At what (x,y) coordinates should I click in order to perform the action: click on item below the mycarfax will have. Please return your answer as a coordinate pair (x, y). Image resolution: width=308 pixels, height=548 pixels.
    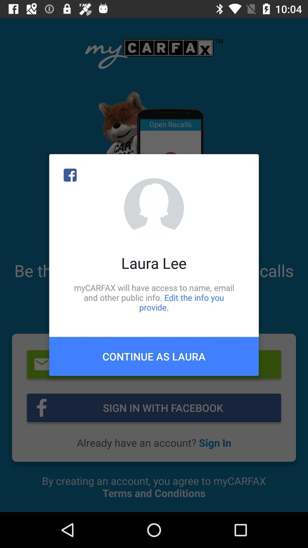
    Looking at the image, I should click on (154, 356).